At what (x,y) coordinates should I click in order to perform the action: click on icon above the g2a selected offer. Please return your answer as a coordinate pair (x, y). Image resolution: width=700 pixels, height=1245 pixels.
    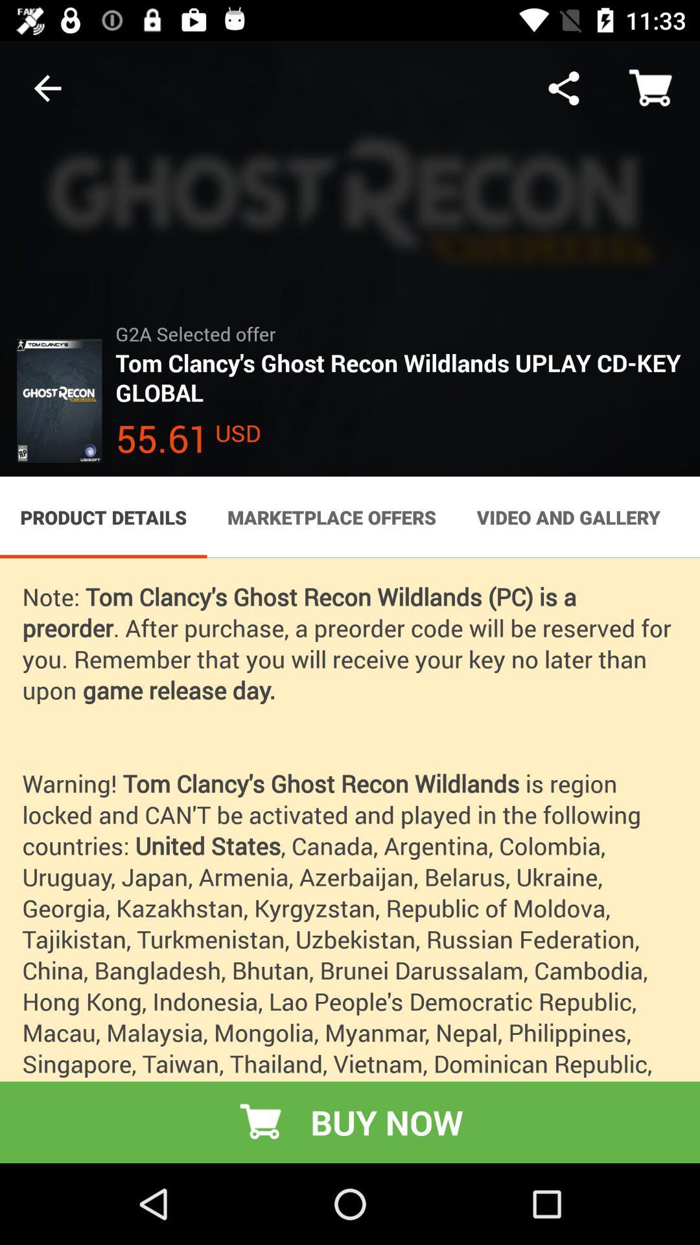
    Looking at the image, I should click on (563, 88).